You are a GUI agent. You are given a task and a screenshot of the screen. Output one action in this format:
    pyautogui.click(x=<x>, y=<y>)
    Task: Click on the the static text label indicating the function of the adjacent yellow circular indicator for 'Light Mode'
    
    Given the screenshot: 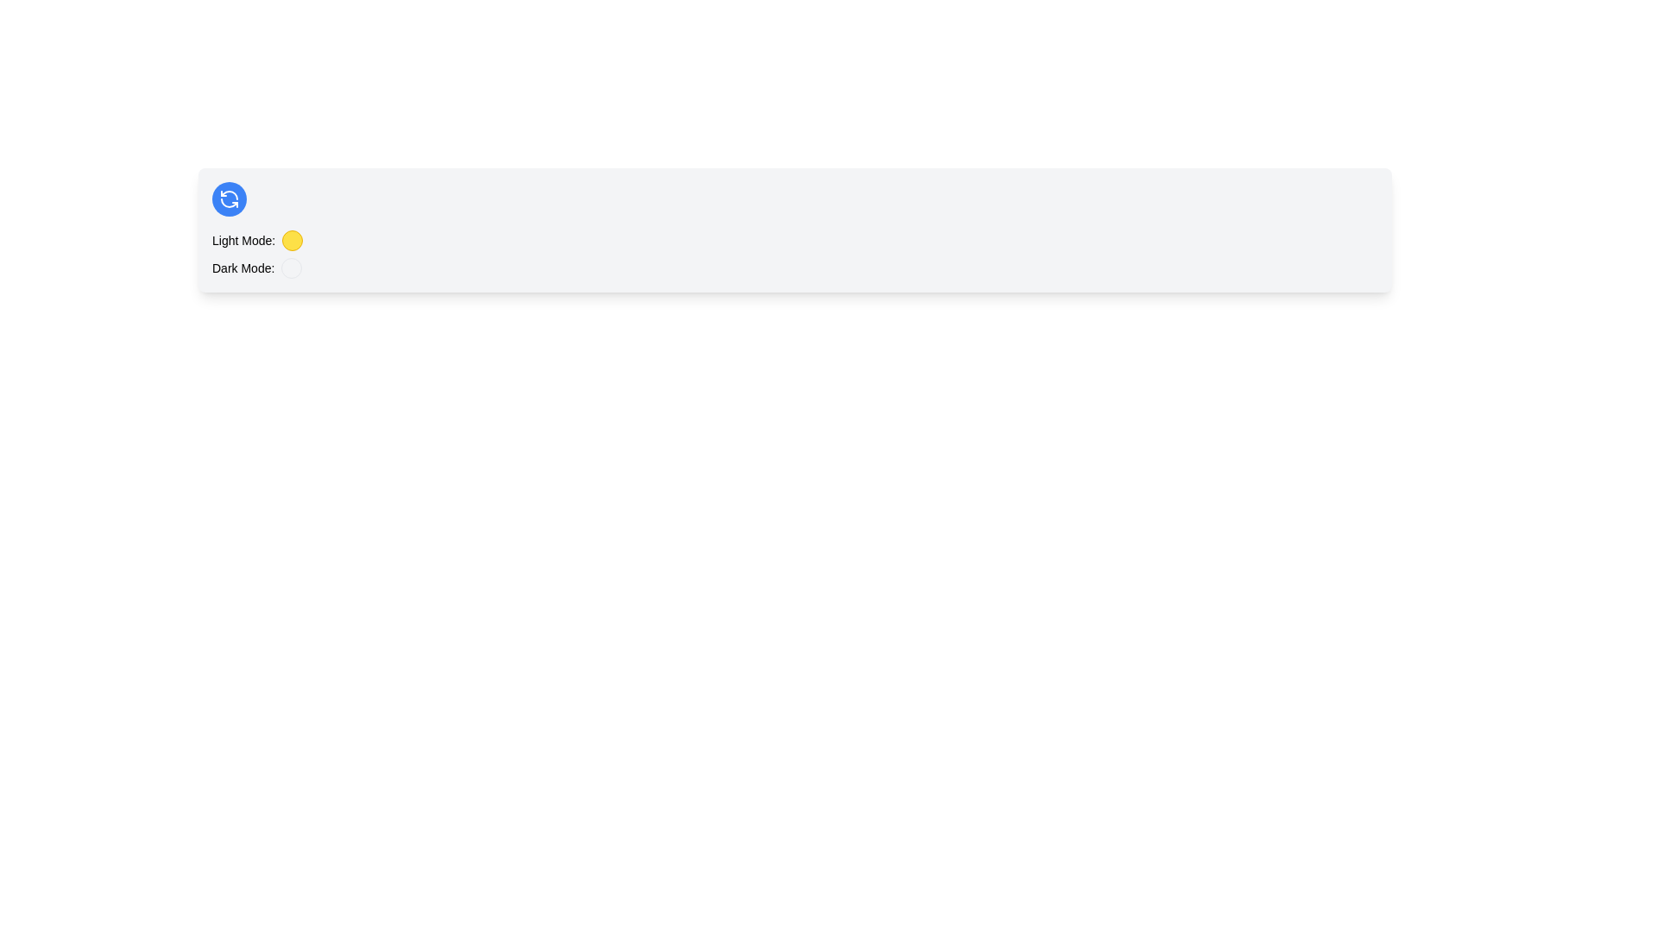 What is the action you would take?
    pyautogui.click(x=243, y=240)
    